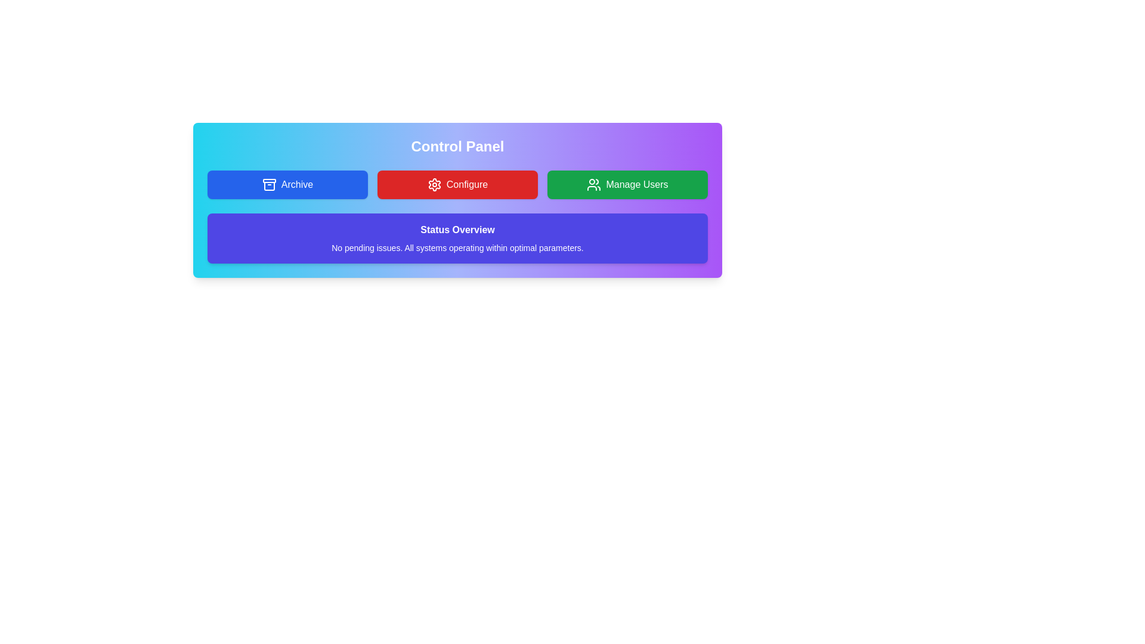 The height and width of the screenshot is (644, 1145). Describe the element at coordinates (457, 184) in the screenshot. I see `the red rectangular button labeled 'Configure' with a gear icon` at that location.